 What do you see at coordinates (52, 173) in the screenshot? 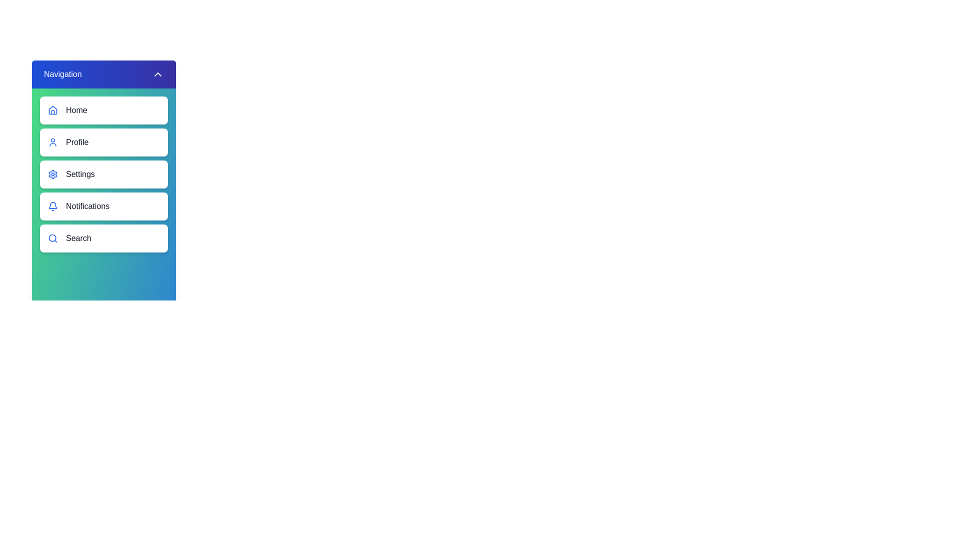
I see `the blue gear-shaped icon located to the left of the 'Settings' text within the third button of the navigation options` at bounding box center [52, 173].